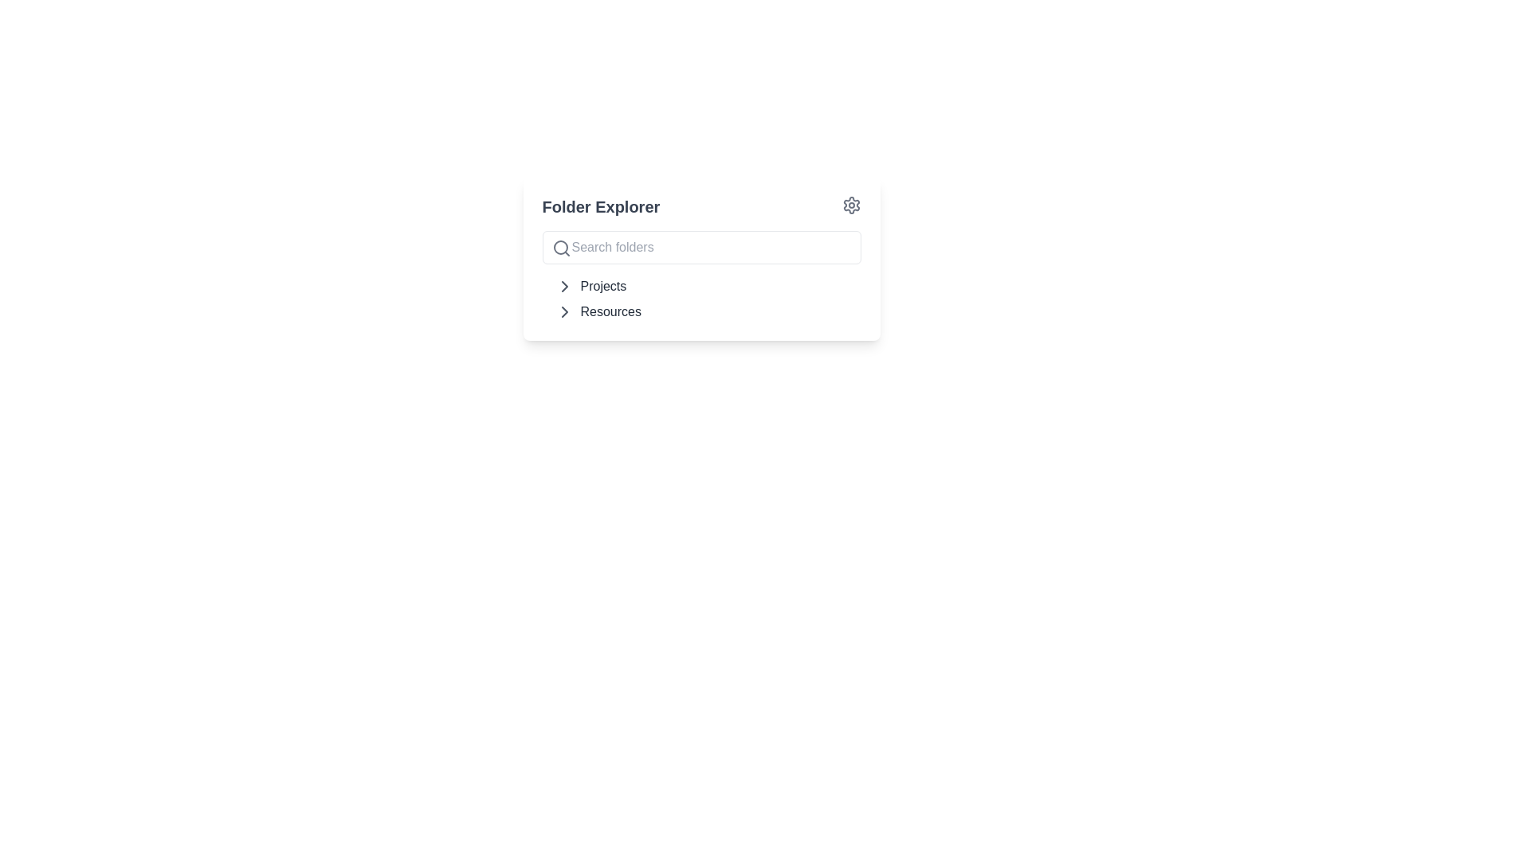 The image size is (1530, 860). What do you see at coordinates (561, 248) in the screenshot?
I see `the magnifying glass icon located at the left side of the 'Search folders' input field in the 'Folder Explorer' component` at bounding box center [561, 248].